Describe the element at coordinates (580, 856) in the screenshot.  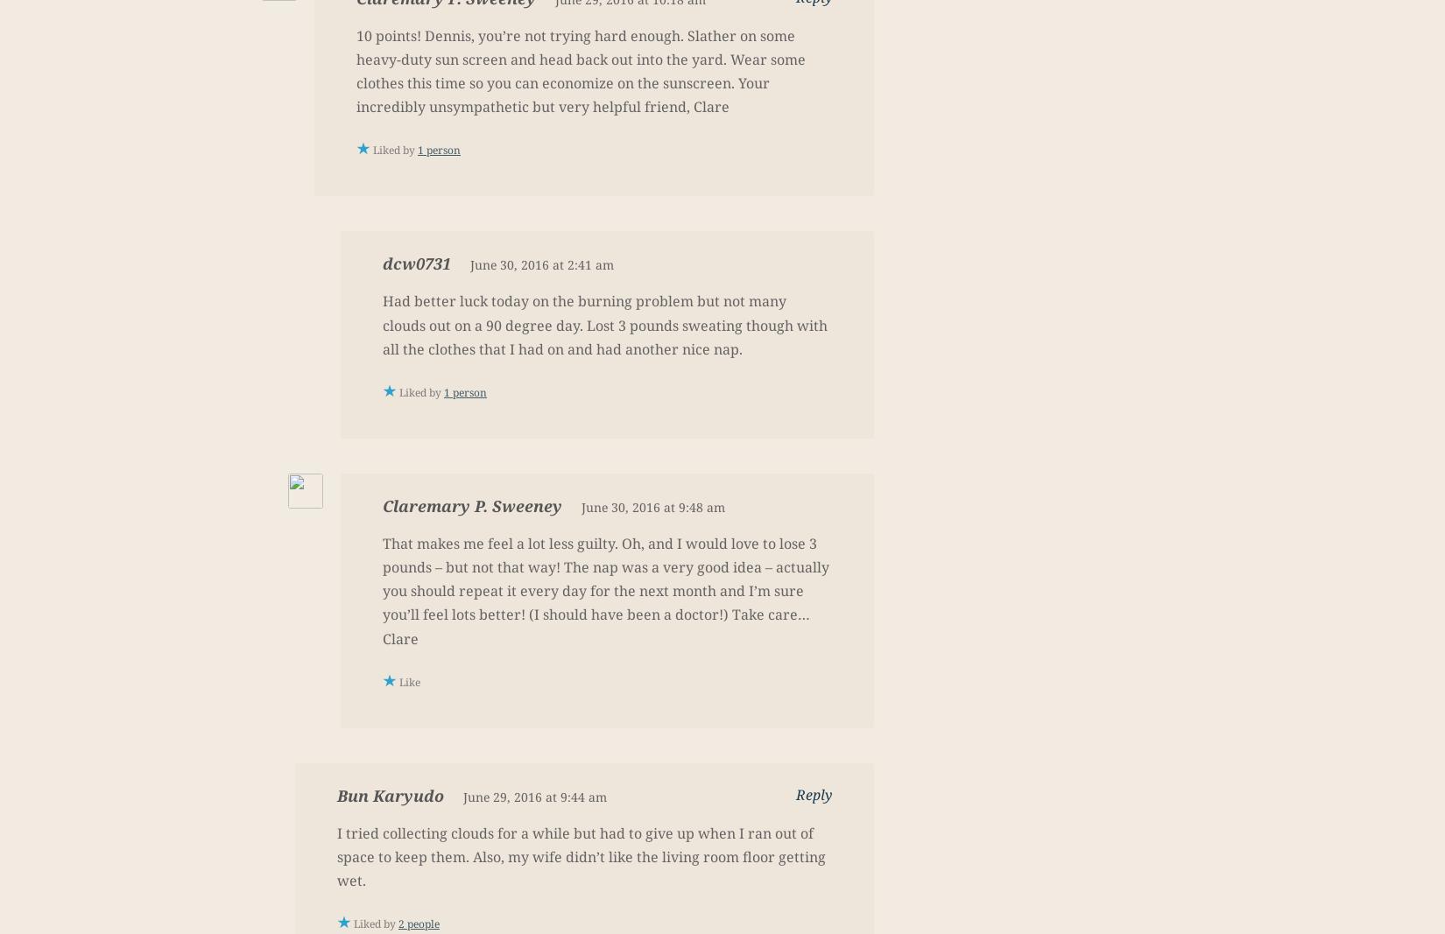
I see `'I tried collecting clouds for a while but had to give up when I ran out of space to keep them. Also, my wife didn’t like the living room floor getting wet.'` at that location.